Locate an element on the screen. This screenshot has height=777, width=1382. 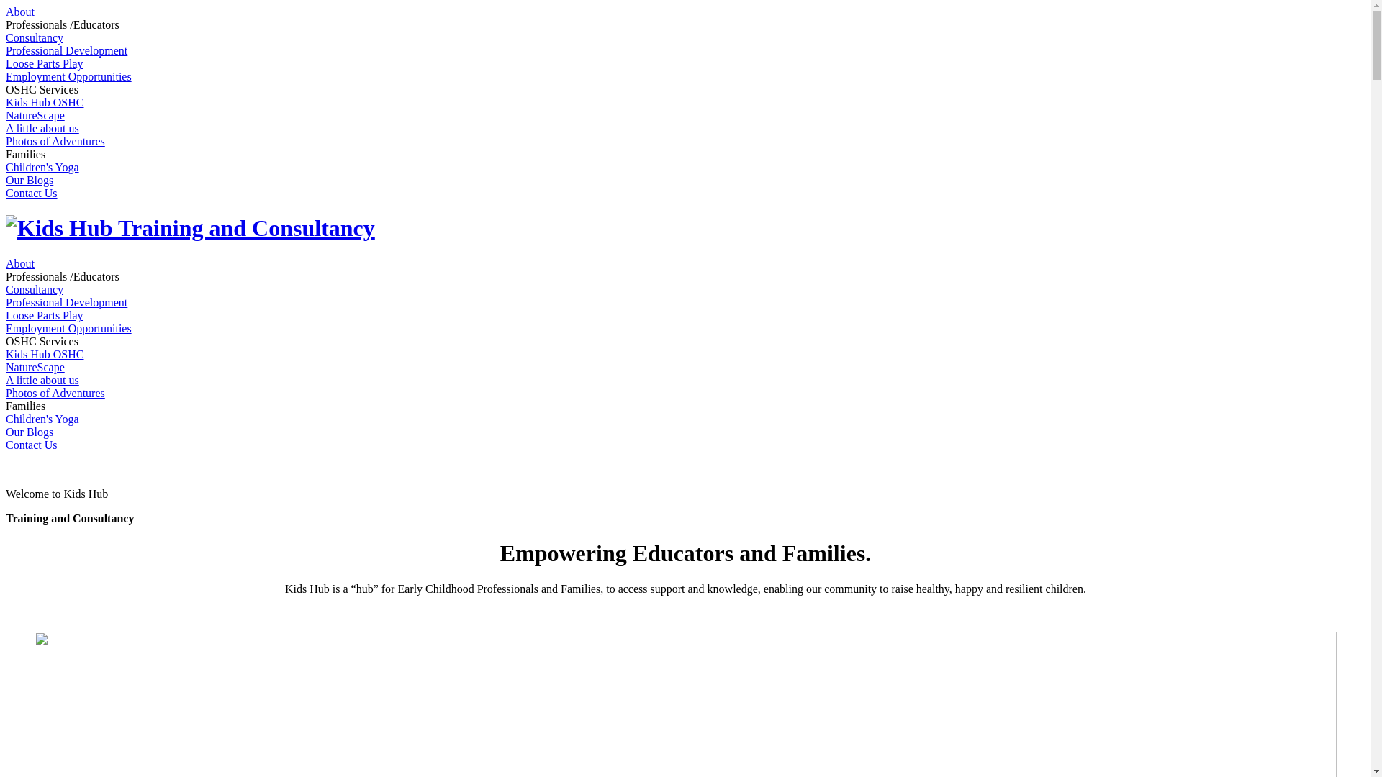
'Contact Us' is located at coordinates (31, 444).